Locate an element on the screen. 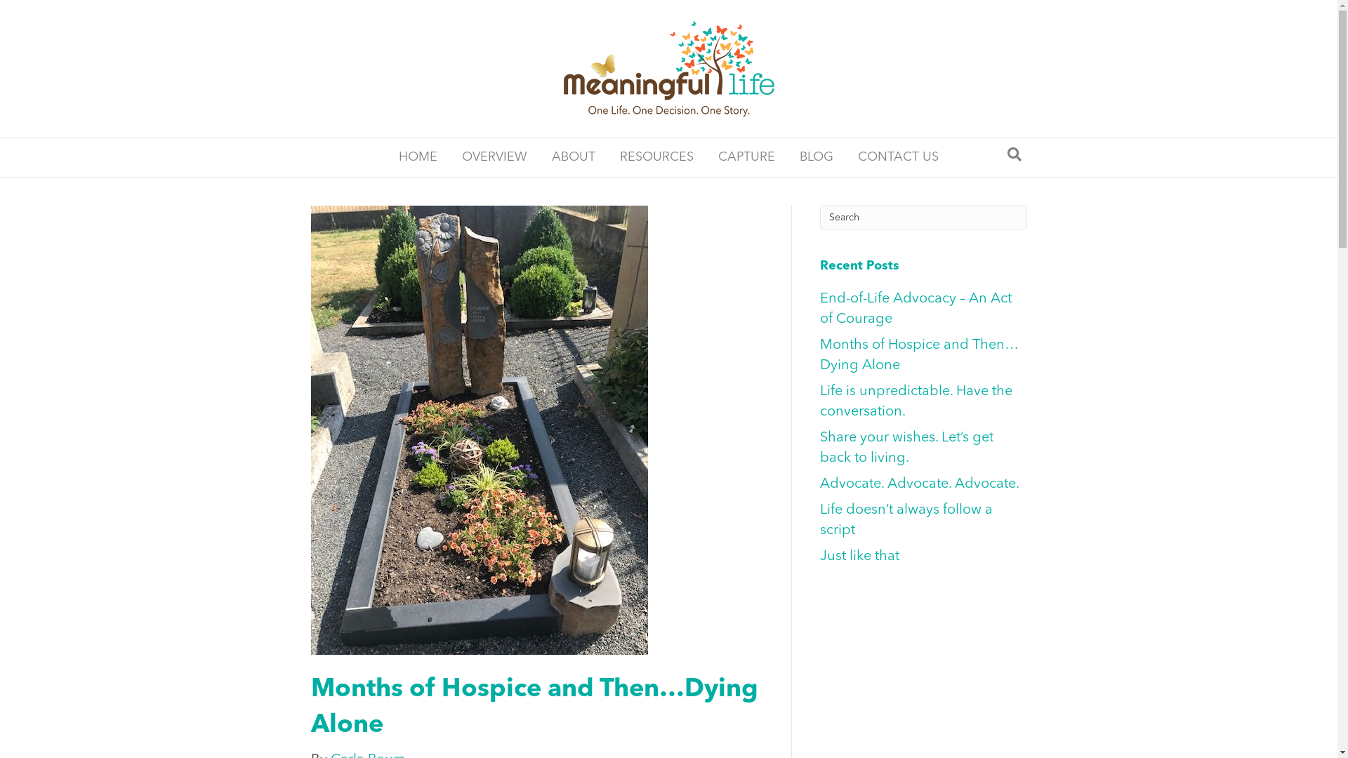  'ABOUT' is located at coordinates (573, 157).